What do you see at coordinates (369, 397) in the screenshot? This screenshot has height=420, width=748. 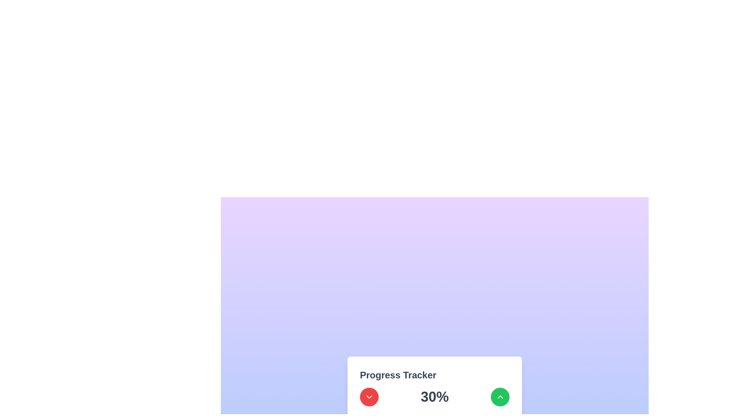 I see `the button that decreases a value, located to the left of the bold '30%' text` at bounding box center [369, 397].